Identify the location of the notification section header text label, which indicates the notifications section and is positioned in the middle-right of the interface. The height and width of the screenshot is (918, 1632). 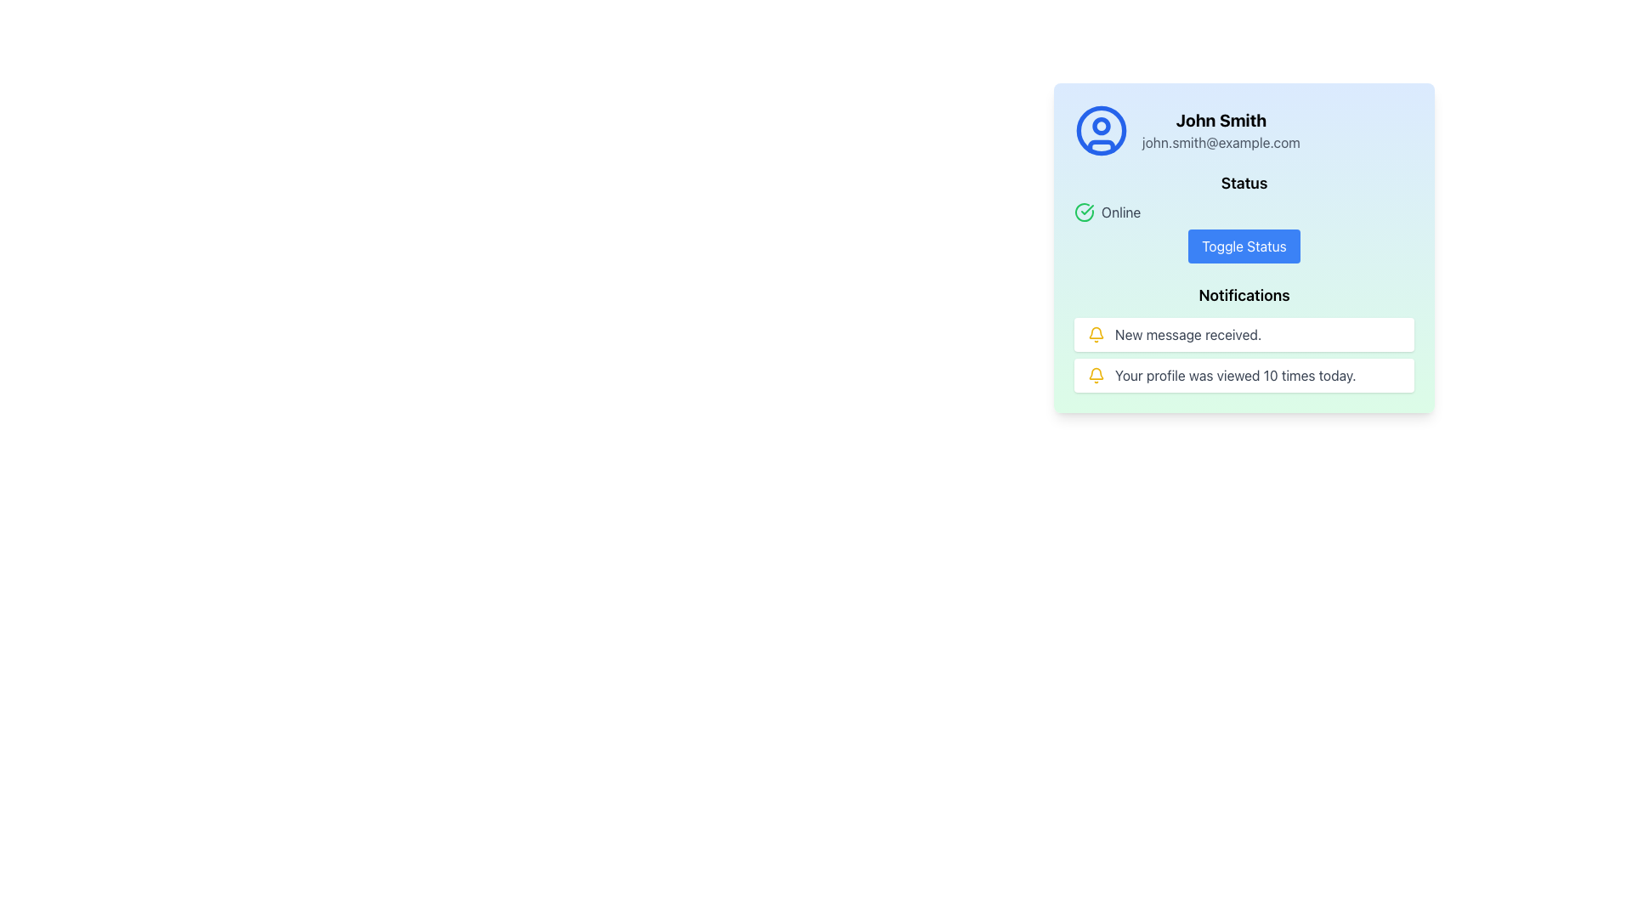
(1244, 294).